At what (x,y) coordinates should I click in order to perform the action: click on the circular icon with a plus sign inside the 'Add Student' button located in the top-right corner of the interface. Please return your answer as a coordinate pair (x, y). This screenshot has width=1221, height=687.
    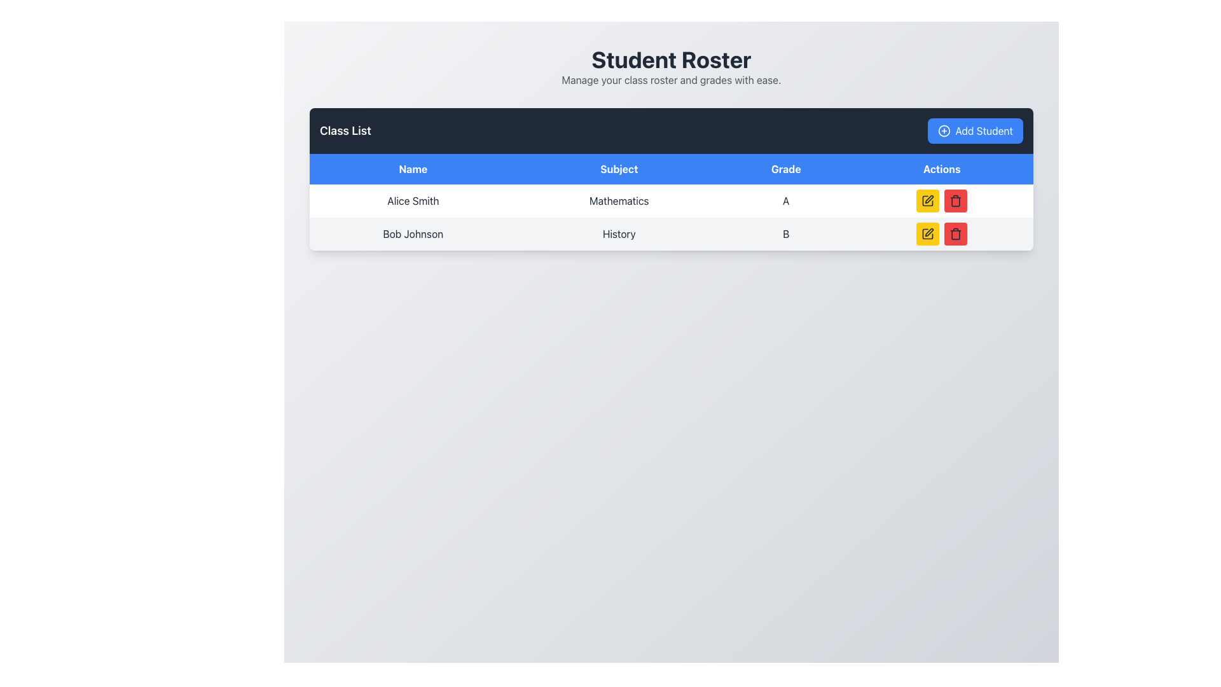
    Looking at the image, I should click on (944, 130).